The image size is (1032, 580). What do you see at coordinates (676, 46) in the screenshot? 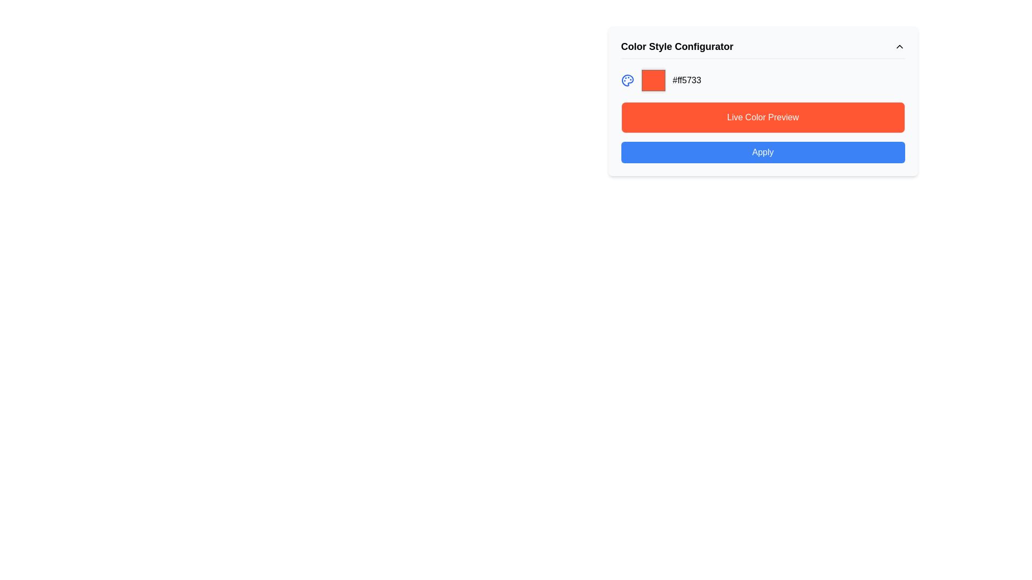
I see `the Text Label that serves as the title 'Color Style Configurator' positioned at the top section of the component` at bounding box center [676, 46].